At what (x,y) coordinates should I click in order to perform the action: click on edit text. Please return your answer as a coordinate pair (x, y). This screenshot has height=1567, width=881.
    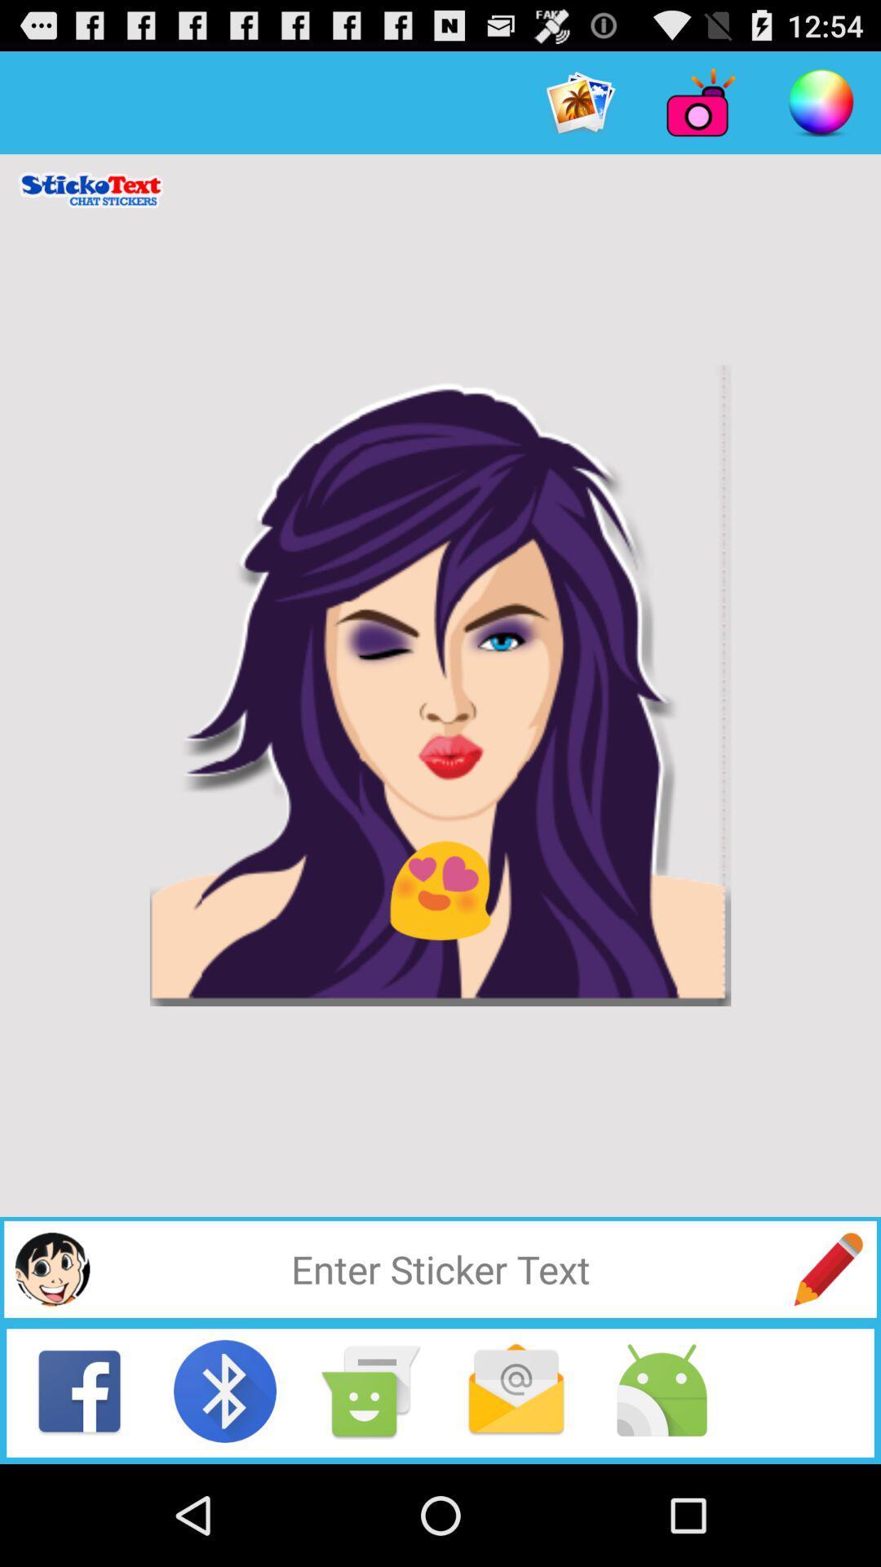
    Looking at the image, I should click on (828, 1268).